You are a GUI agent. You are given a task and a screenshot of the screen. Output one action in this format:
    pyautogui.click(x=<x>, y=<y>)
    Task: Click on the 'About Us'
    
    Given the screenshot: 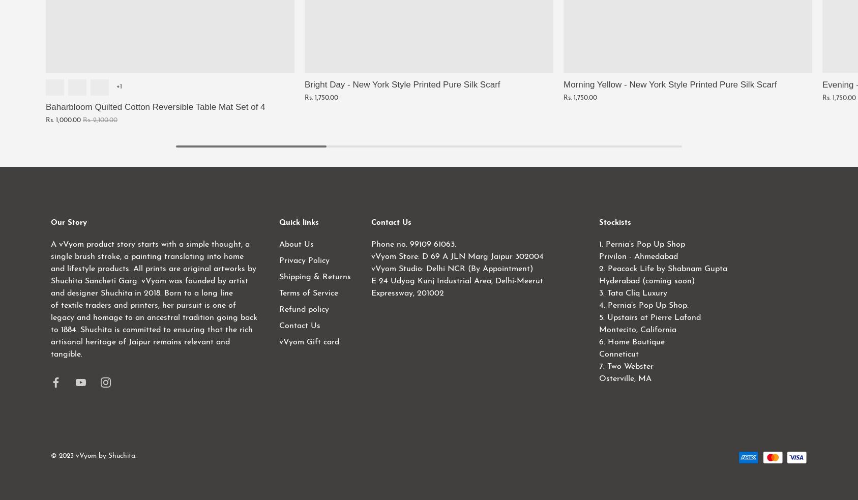 What is the action you would take?
    pyautogui.click(x=278, y=243)
    